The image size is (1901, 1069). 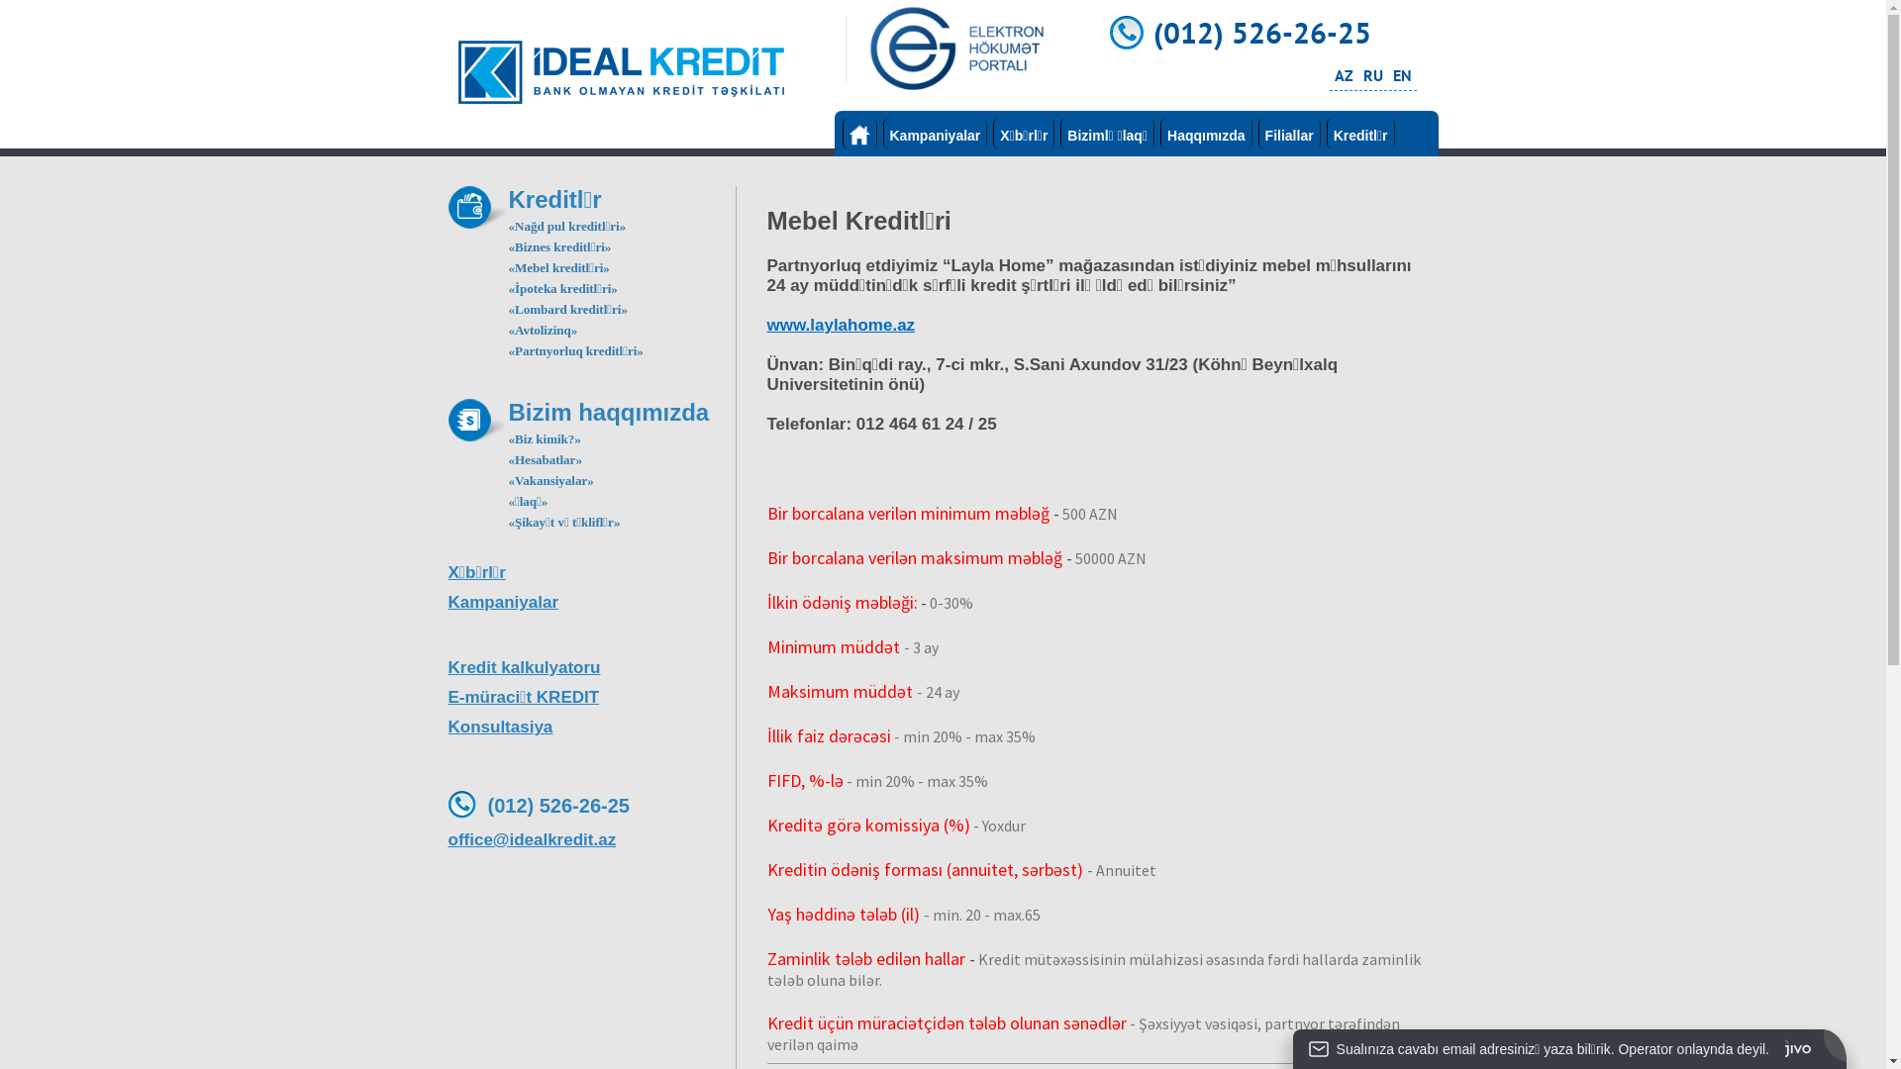 What do you see at coordinates (589, 668) in the screenshot?
I see `'Kredit kalkulyatoru'` at bounding box center [589, 668].